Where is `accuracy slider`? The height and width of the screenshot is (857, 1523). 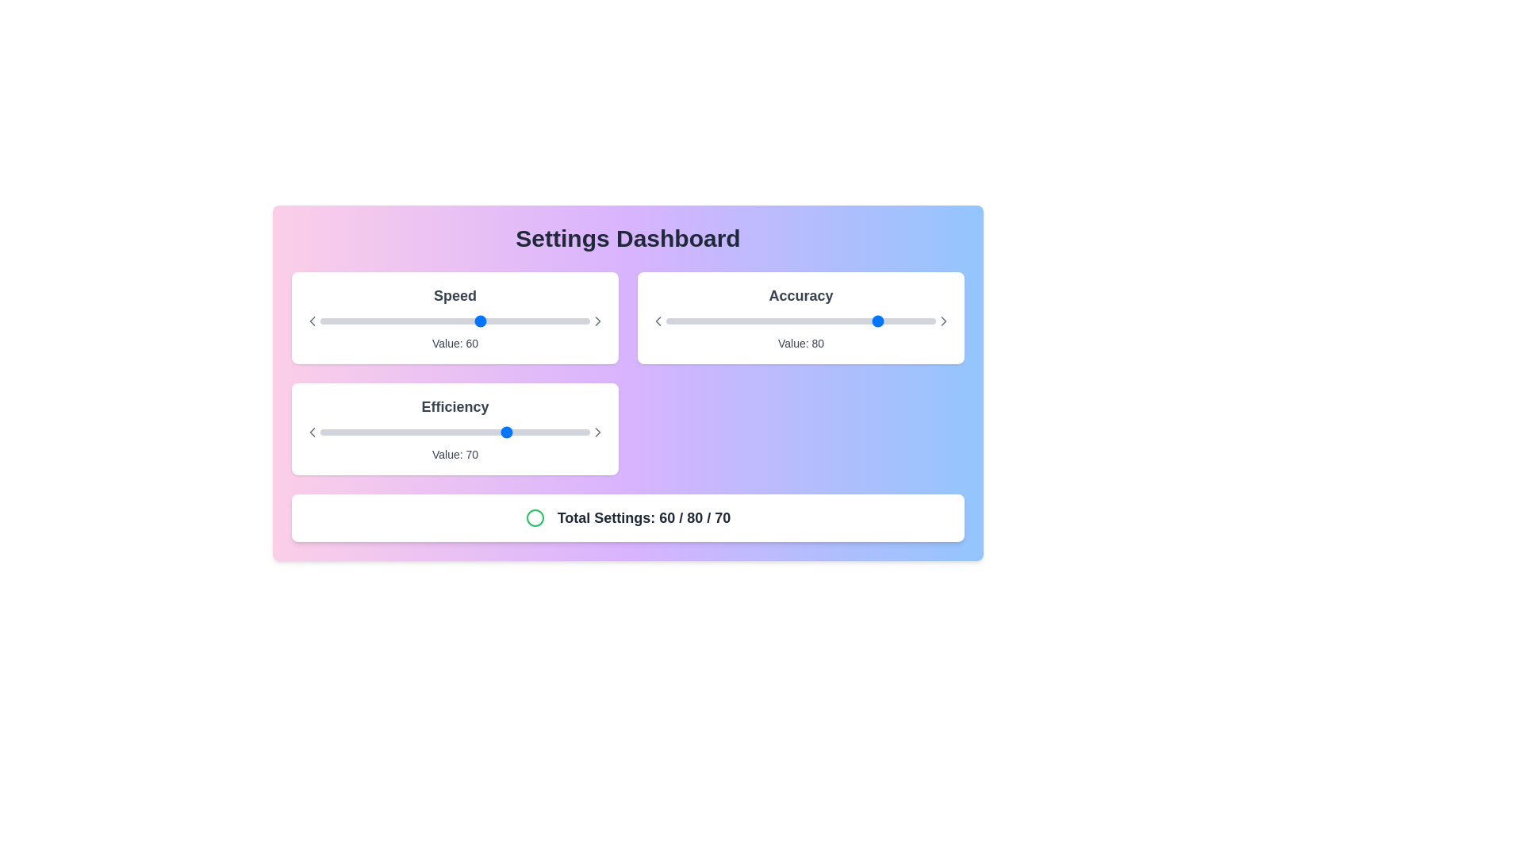 accuracy slider is located at coordinates (769, 321).